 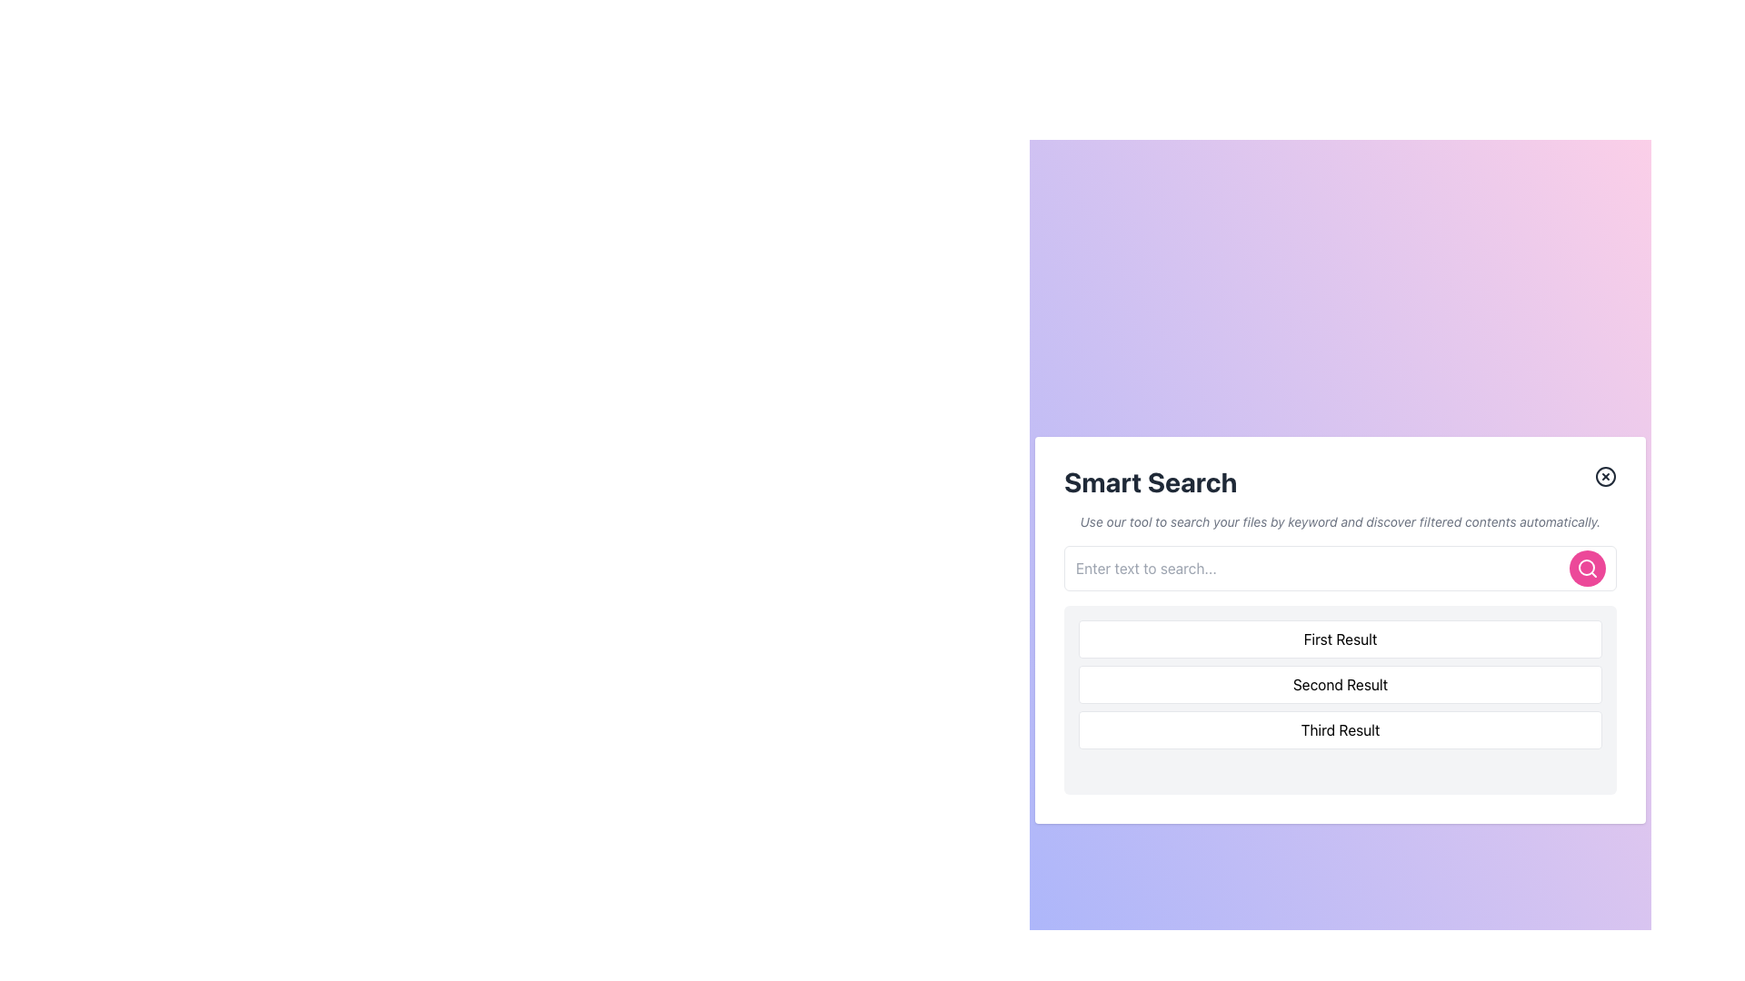 What do you see at coordinates (1586, 566) in the screenshot?
I see `the SVG Circle that visually represents part of a search icon, located in the top right corner of the search input box` at bounding box center [1586, 566].